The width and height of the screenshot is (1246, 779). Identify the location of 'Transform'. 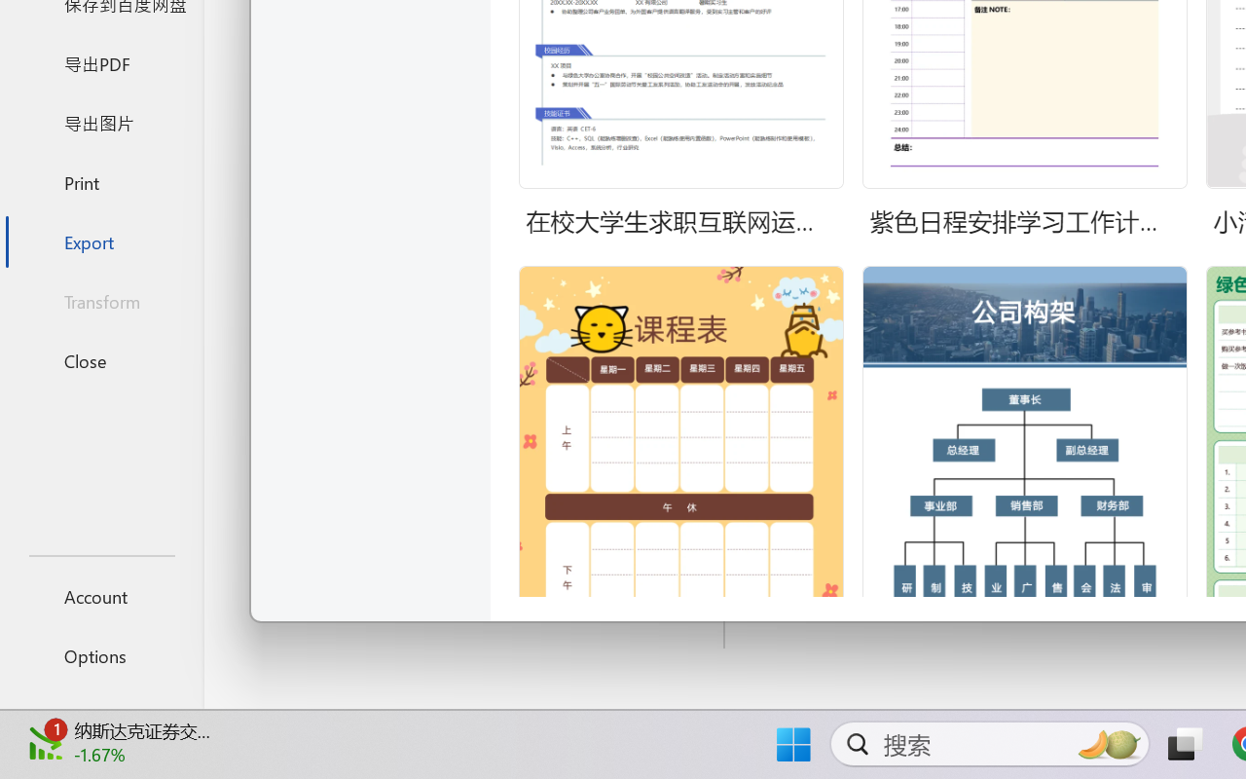
(100, 300).